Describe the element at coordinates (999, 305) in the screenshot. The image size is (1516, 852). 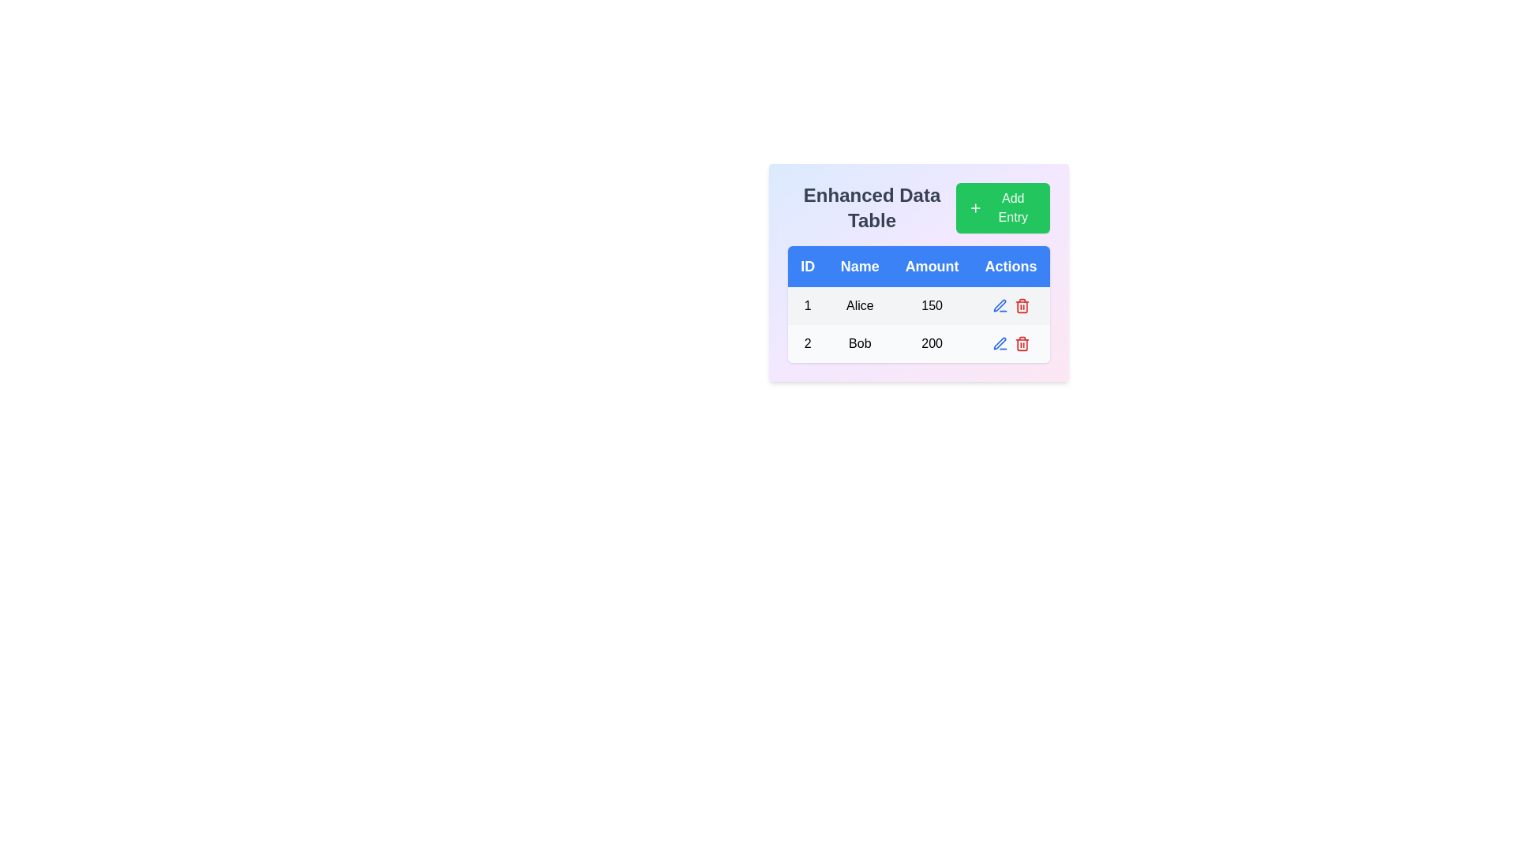
I see `the pen-like icon in the 'Actions' column of the second row` at that location.